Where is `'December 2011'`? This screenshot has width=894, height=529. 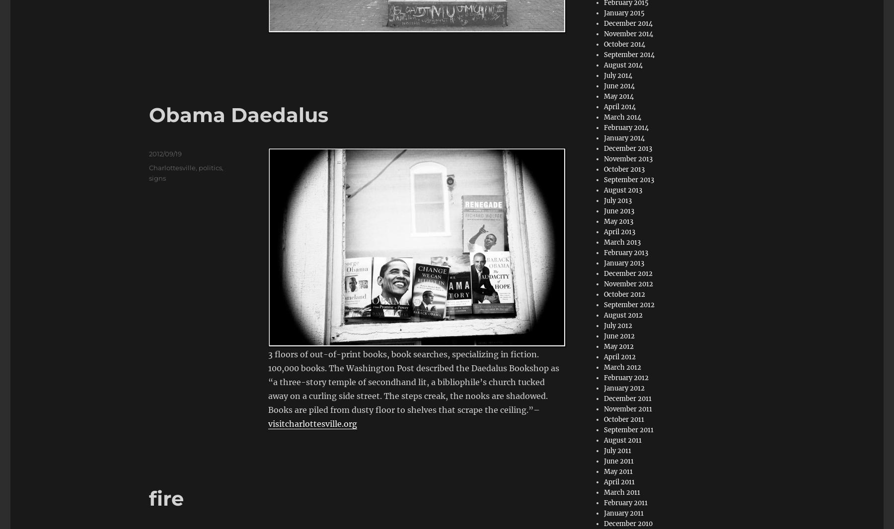
'December 2011' is located at coordinates (627, 398).